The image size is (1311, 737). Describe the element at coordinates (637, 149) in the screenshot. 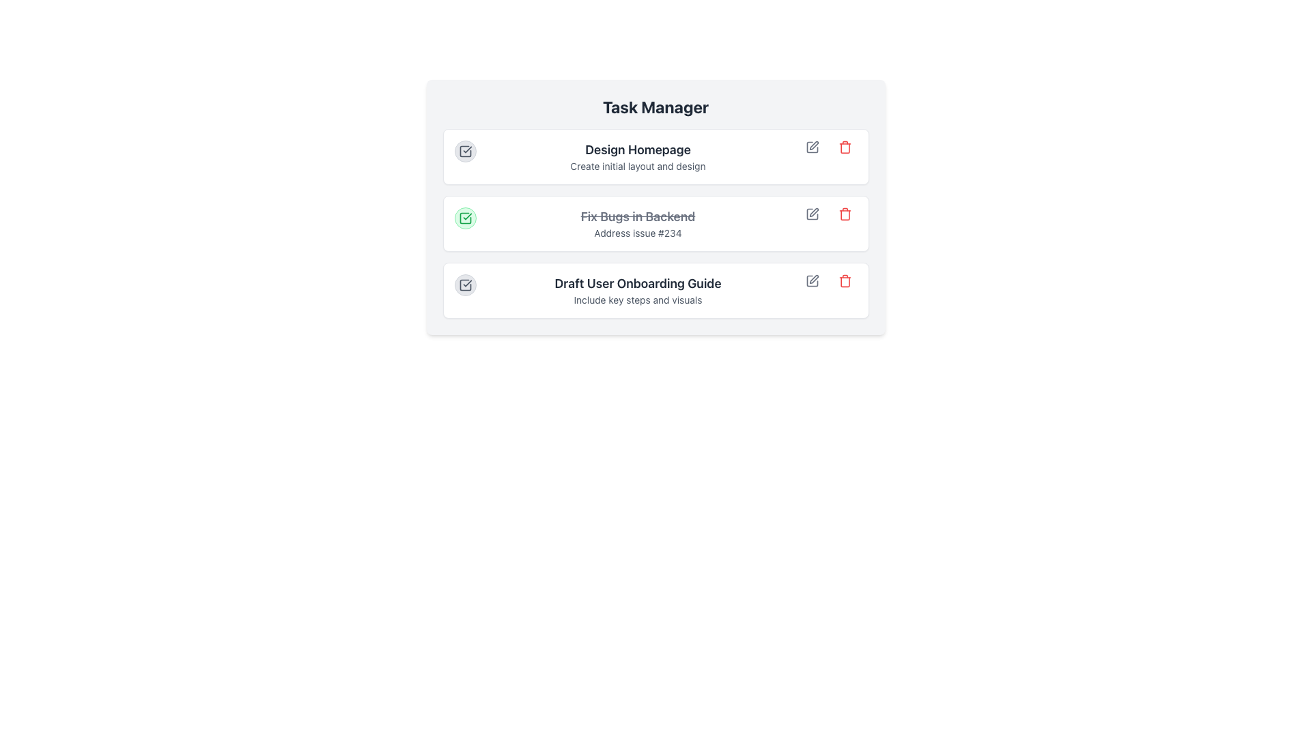

I see `the bolded text 'Design Homepage' in the first task box of the task manager interface, which is styled in large, semi-bold, dark-gray font` at that location.